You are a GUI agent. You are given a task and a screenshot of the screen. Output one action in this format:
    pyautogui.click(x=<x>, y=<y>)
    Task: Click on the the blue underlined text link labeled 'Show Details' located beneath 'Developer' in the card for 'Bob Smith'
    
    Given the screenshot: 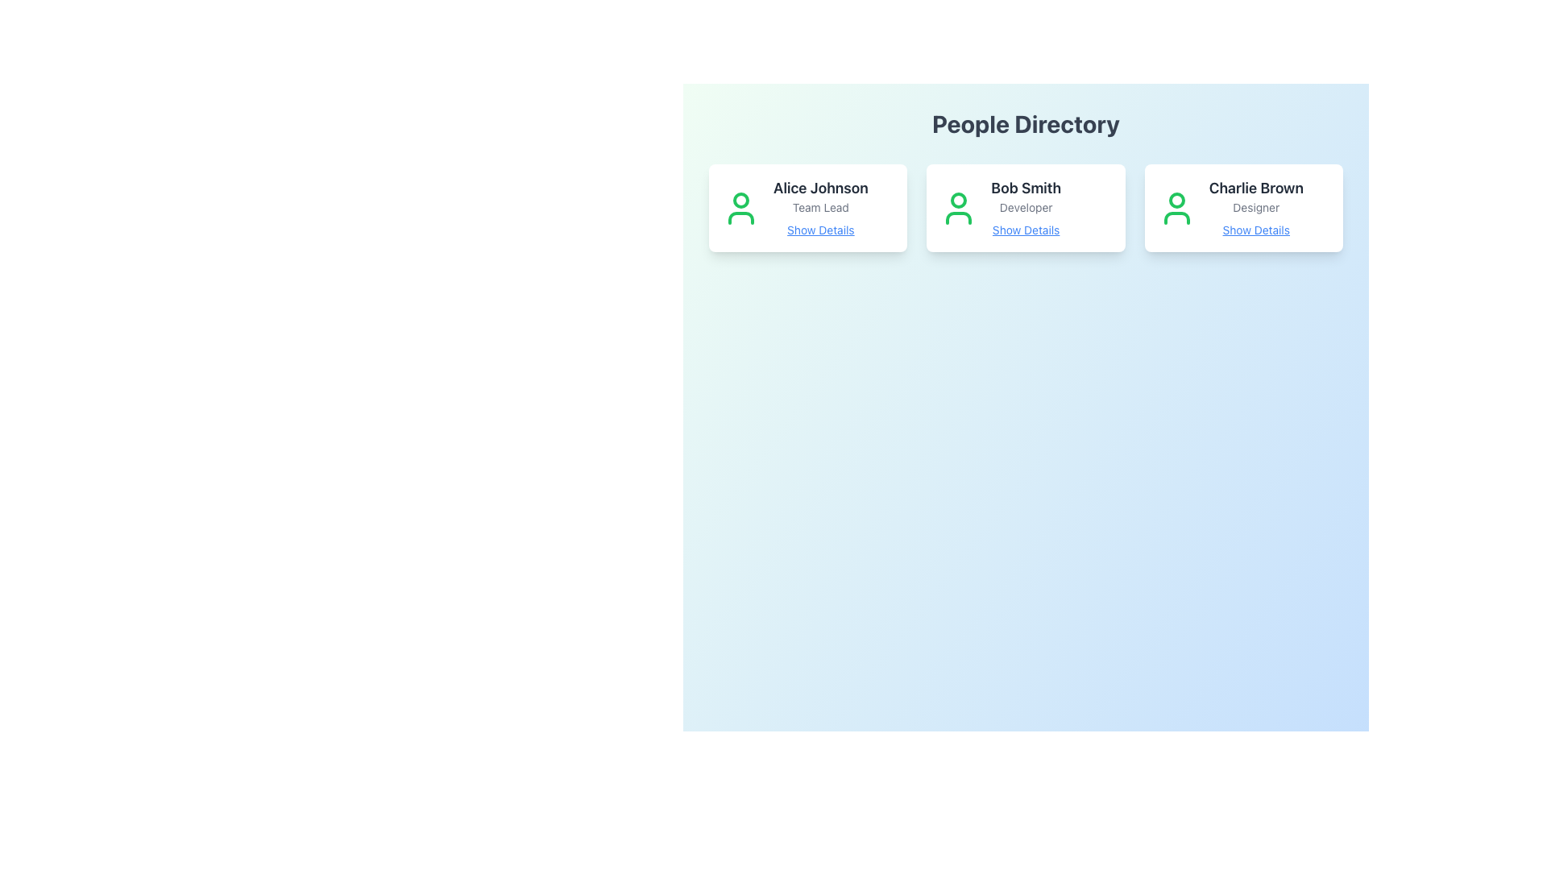 What is the action you would take?
    pyautogui.click(x=1025, y=230)
    